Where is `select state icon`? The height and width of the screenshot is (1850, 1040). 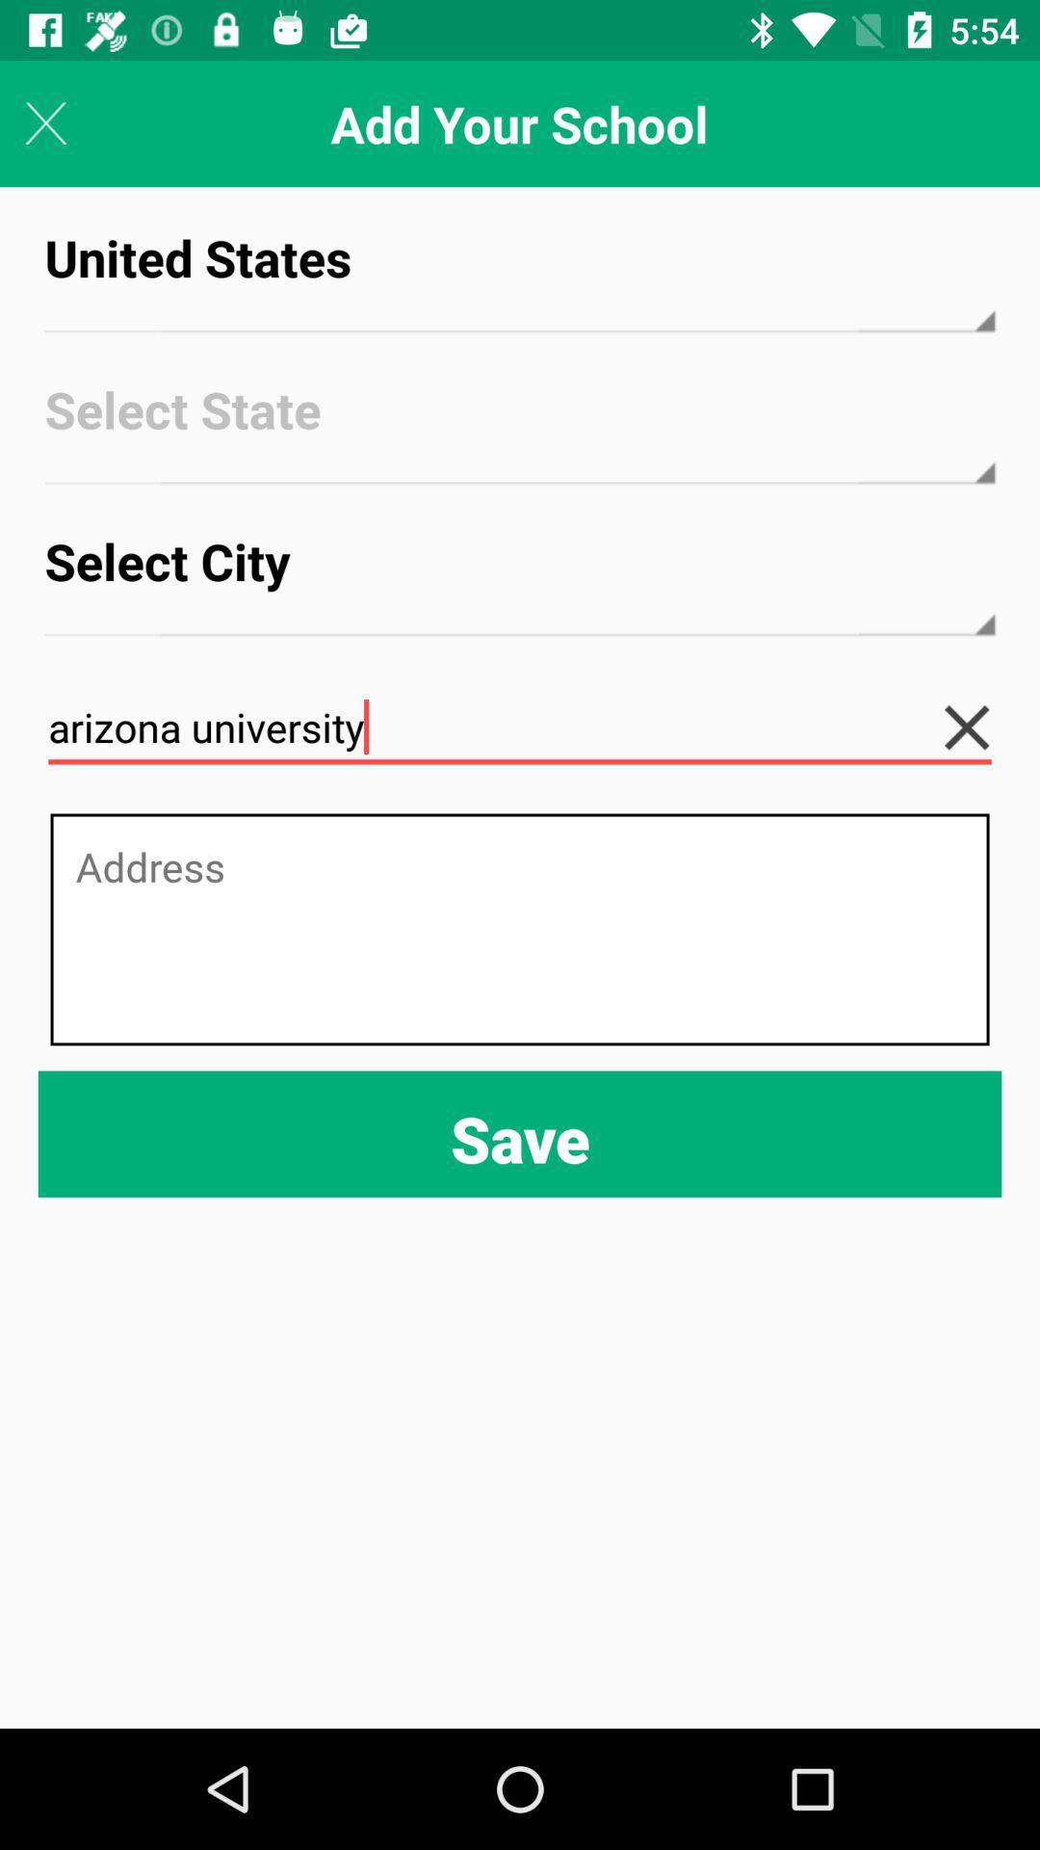
select state icon is located at coordinates (520, 426).